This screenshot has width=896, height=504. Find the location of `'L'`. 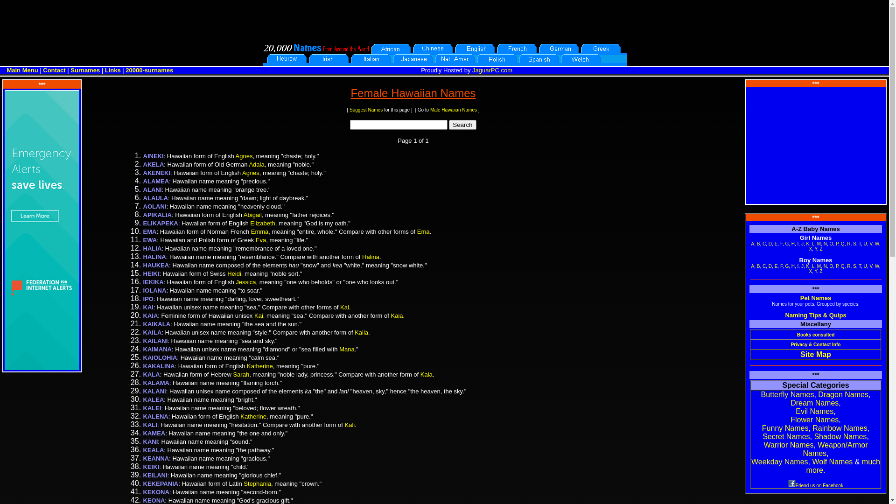

'L' is located at coordinates (812, 243).